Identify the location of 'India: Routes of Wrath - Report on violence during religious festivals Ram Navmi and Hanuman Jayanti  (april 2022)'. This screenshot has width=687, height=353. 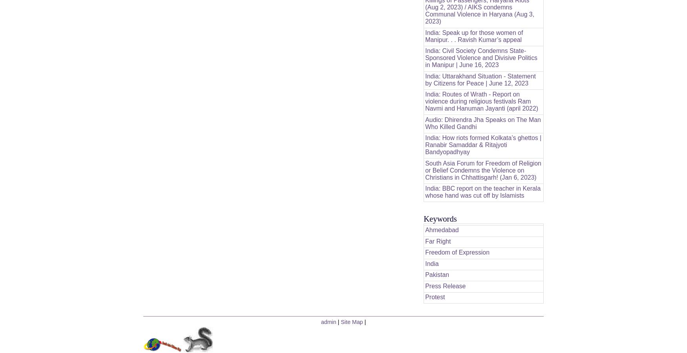
(481, 101).